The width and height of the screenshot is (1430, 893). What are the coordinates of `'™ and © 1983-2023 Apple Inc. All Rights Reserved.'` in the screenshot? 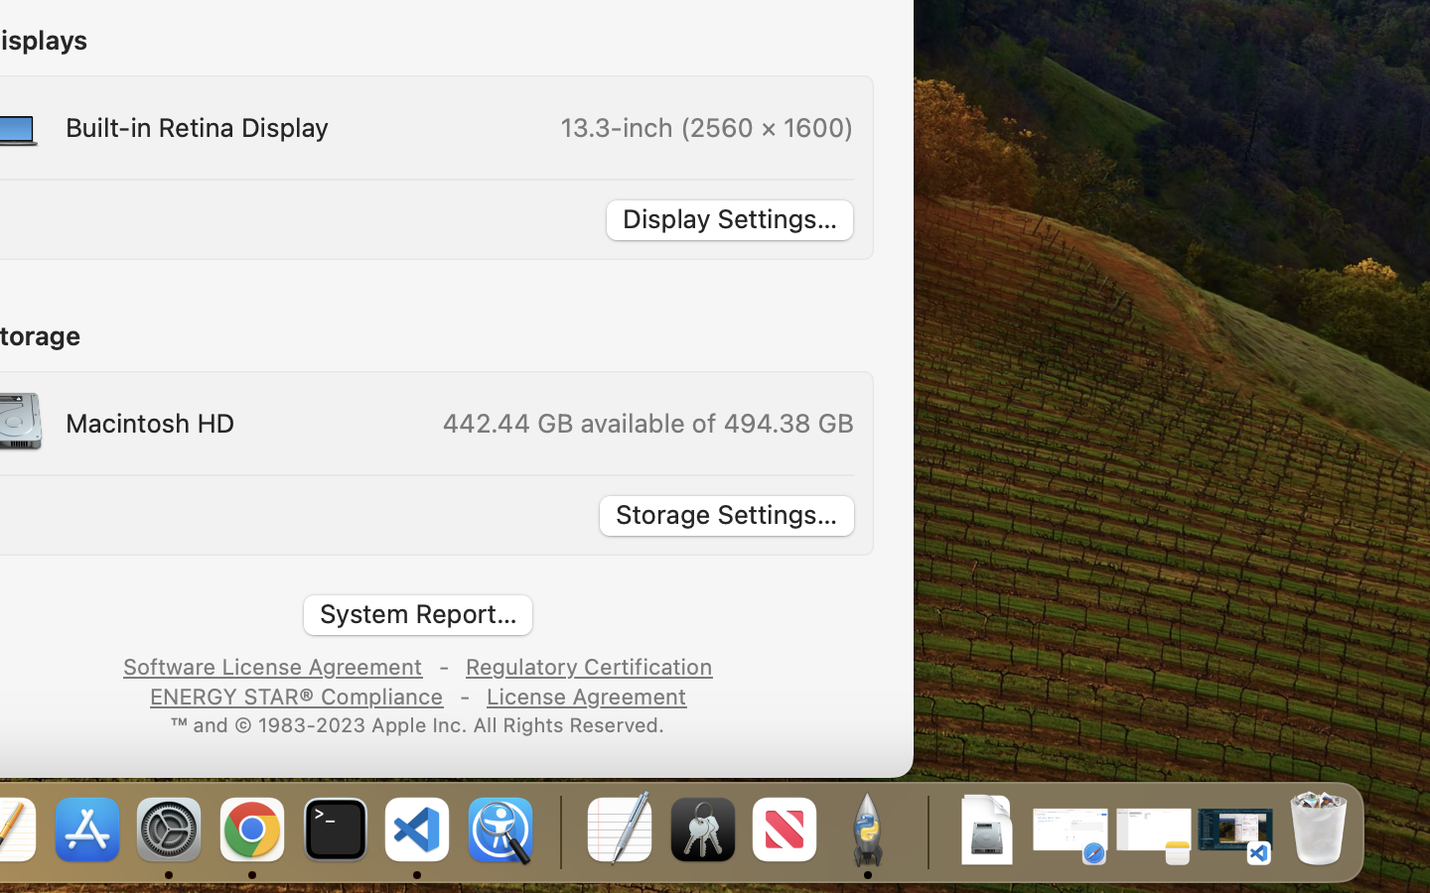 It's located at (418, 722).